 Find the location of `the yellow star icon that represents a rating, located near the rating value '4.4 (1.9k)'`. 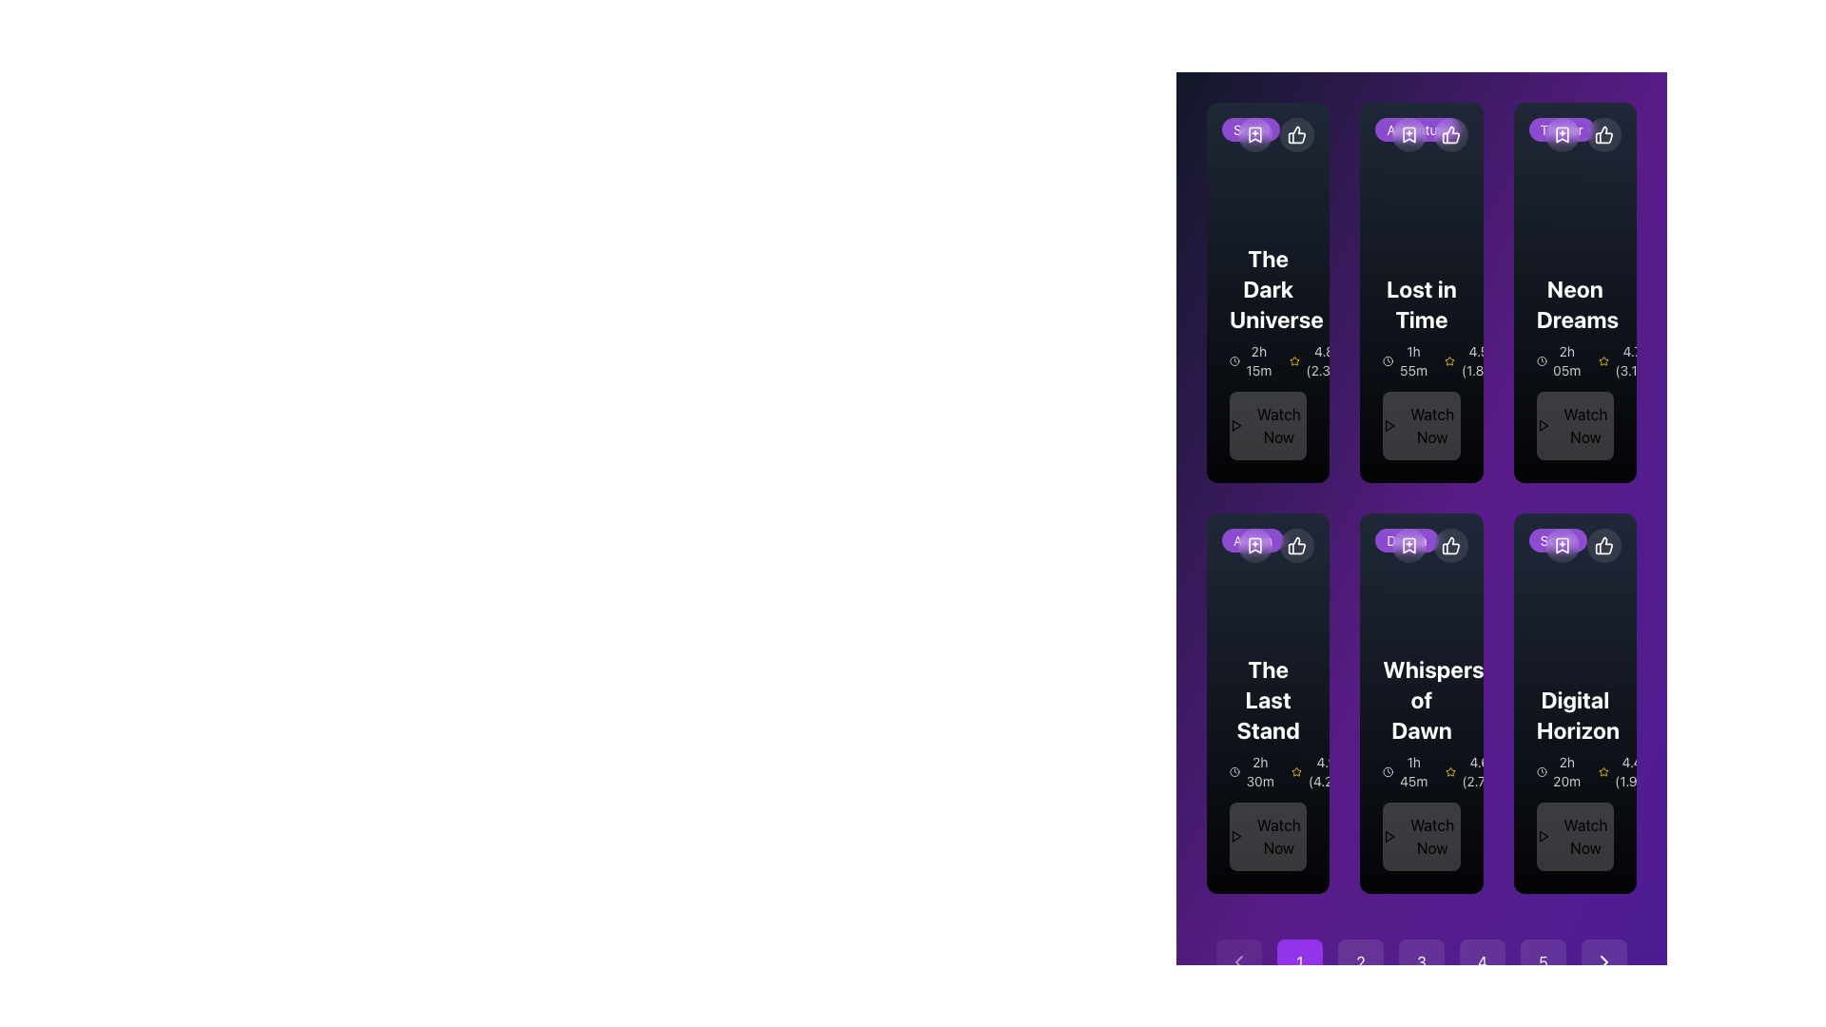

the yellow star icon that represents a rating, located near the rating value '4.4 (1.9k)' is located at coordinates (1603, 772).